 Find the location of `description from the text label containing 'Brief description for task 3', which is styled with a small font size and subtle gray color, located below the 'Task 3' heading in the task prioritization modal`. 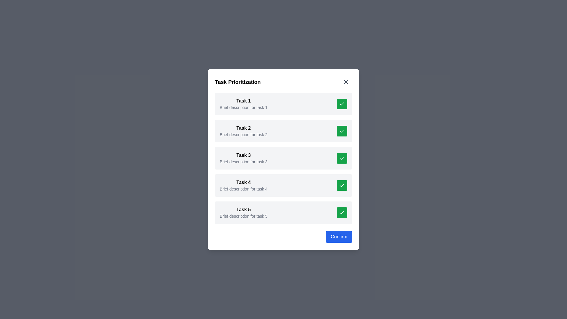

description from the text label containing 'Brief description for task 3', which is styled with a small font size and subtle gray color, located below the 'Task 3' heading in the task prioritization modal is located at coordinates (244, 162).